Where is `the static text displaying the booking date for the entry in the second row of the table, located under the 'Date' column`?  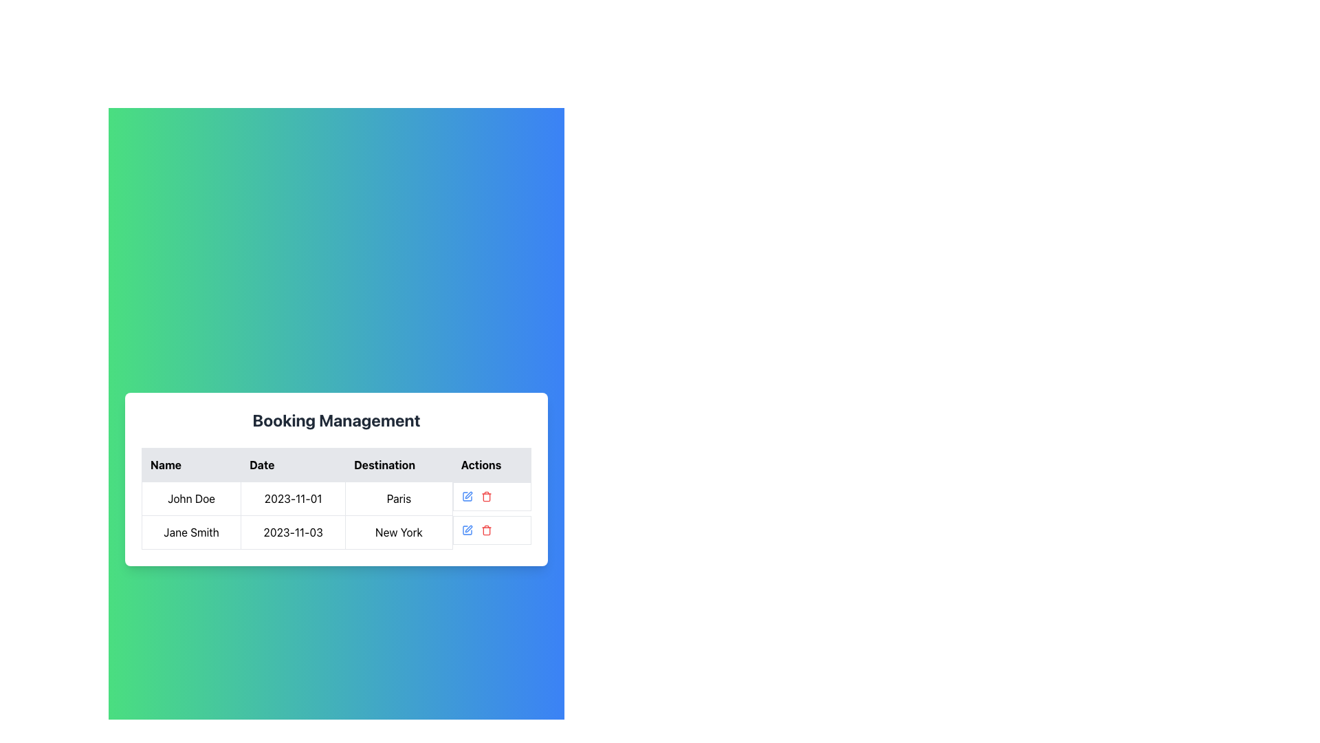
the static text displaying the booking date for the entry in the second row of the table, located under the 'Date' column is located at coordinates (292, 532).